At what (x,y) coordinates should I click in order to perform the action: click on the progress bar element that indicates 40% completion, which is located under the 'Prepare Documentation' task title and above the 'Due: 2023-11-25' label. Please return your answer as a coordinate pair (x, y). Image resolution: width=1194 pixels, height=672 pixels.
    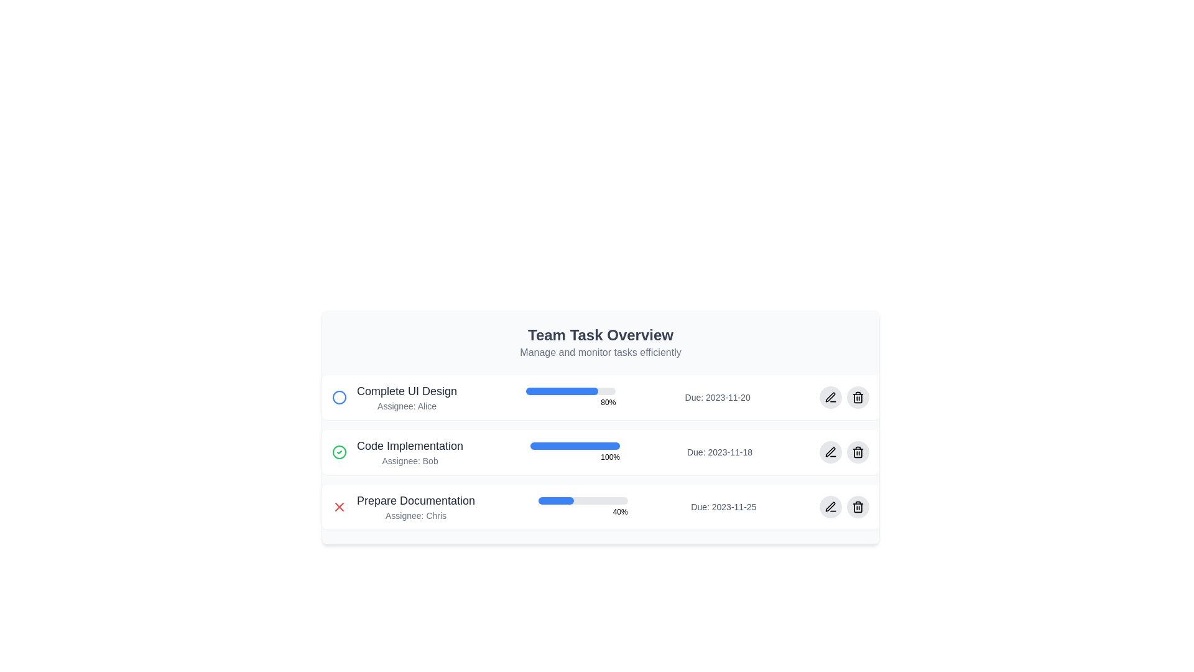
    Looking at the image, I should click on (582, 506).